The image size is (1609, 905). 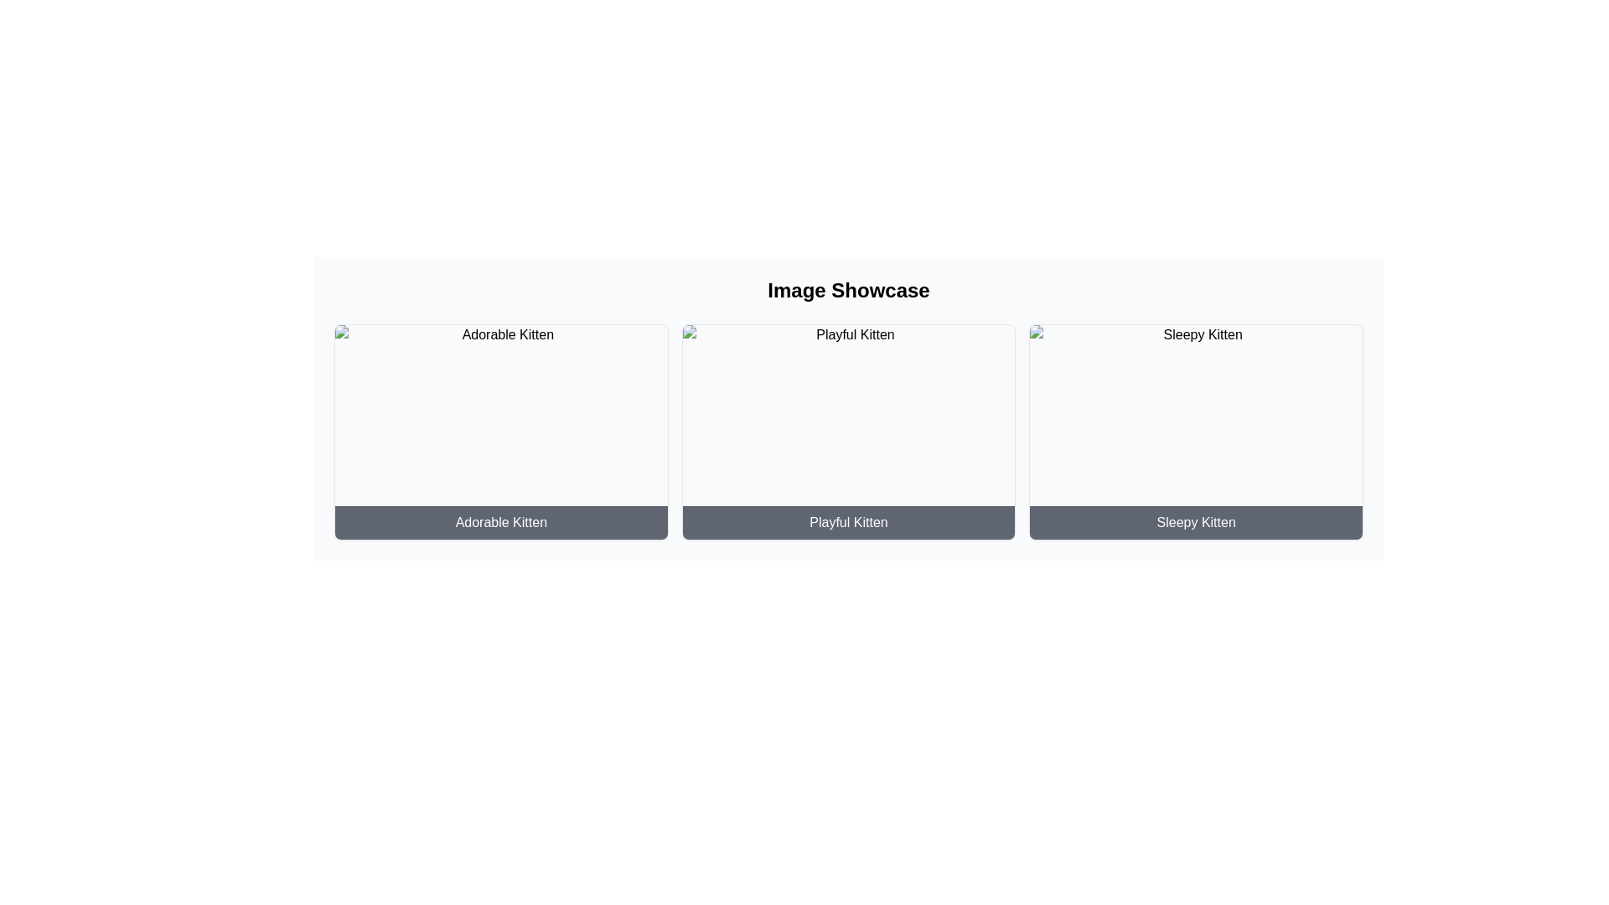 I want to click on the Display card that presents an image and description of the playful kitten, located between 'Adorable Kitten' and 'Sleepy Kitten' in the gallery layout, so click(x=848, y=432).